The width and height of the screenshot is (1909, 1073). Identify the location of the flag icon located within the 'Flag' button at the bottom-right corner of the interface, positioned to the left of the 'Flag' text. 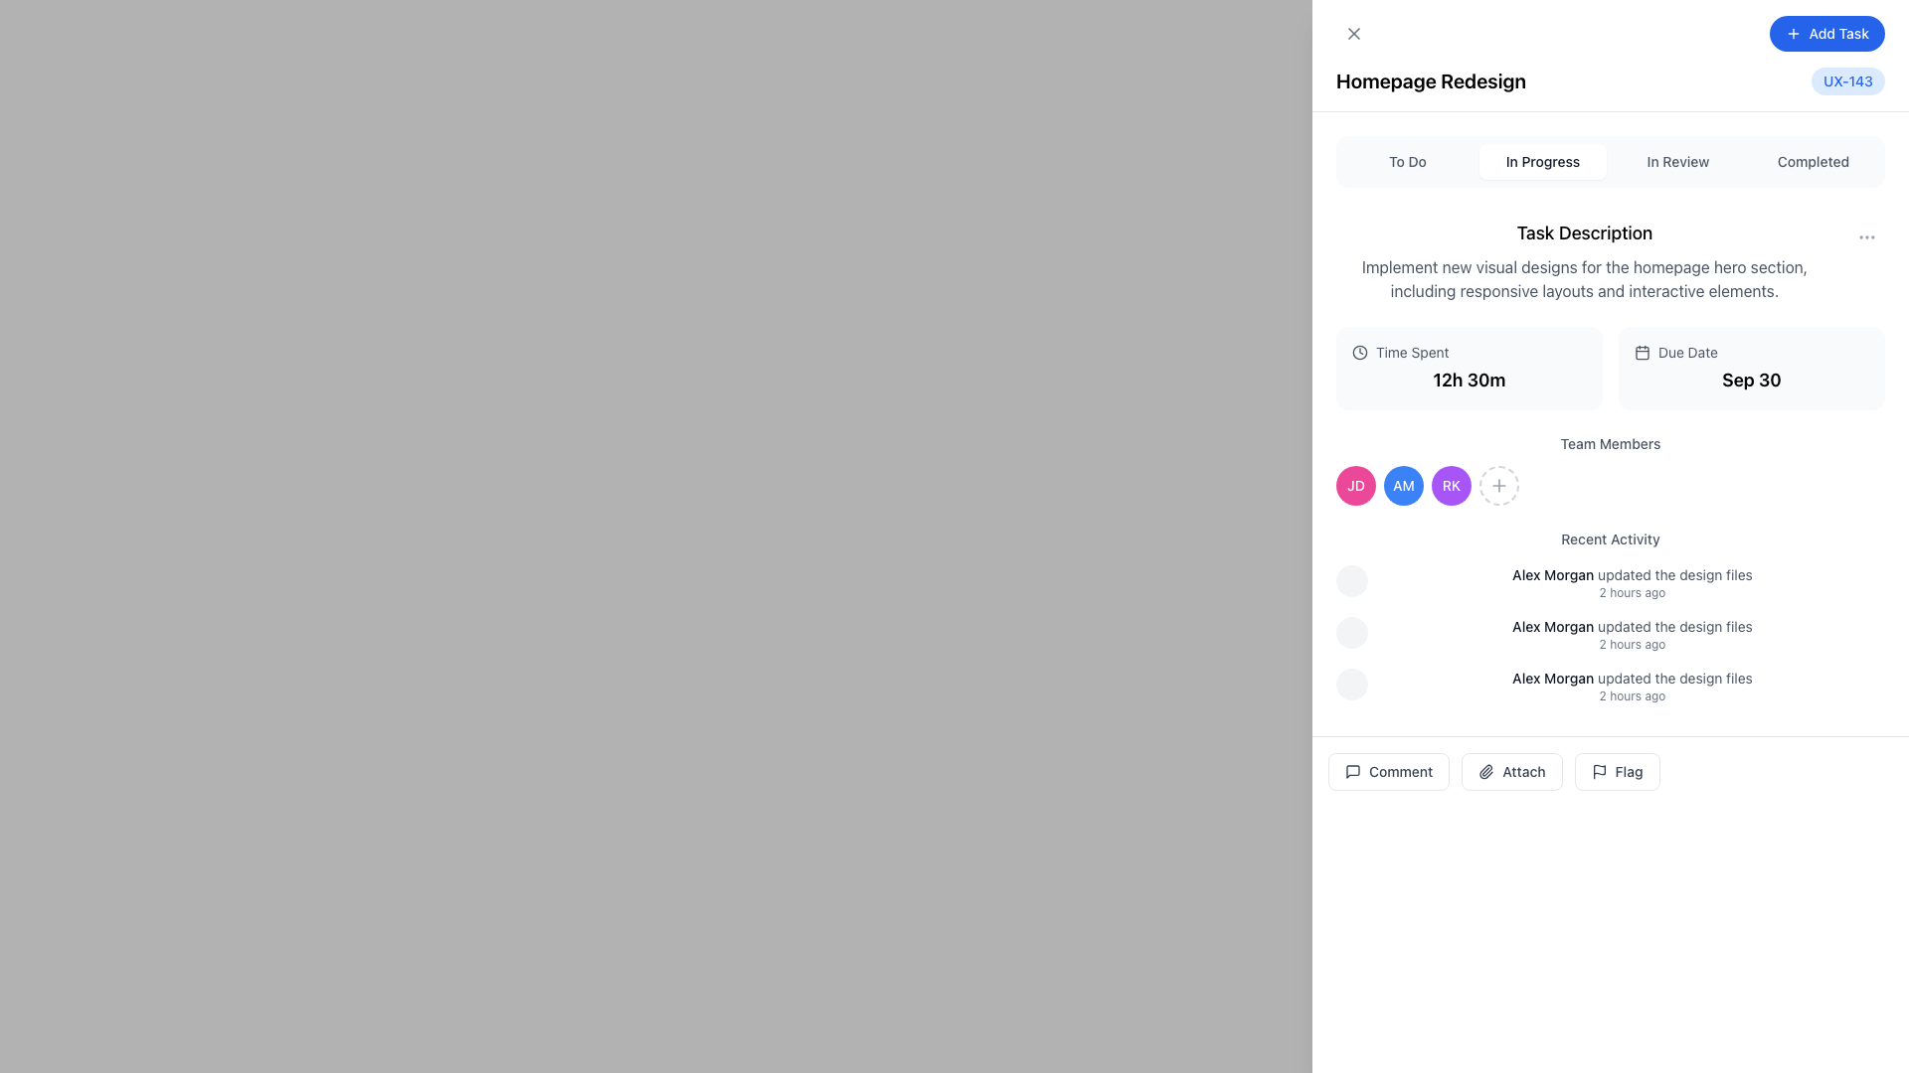
(1599, 770).